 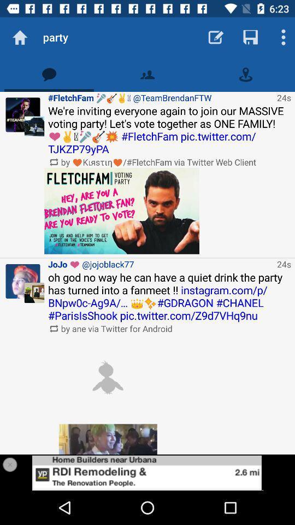 What do you see at coordinates (245, 74) in the screenshot?
I see `location` at bounding box center [245, 74].